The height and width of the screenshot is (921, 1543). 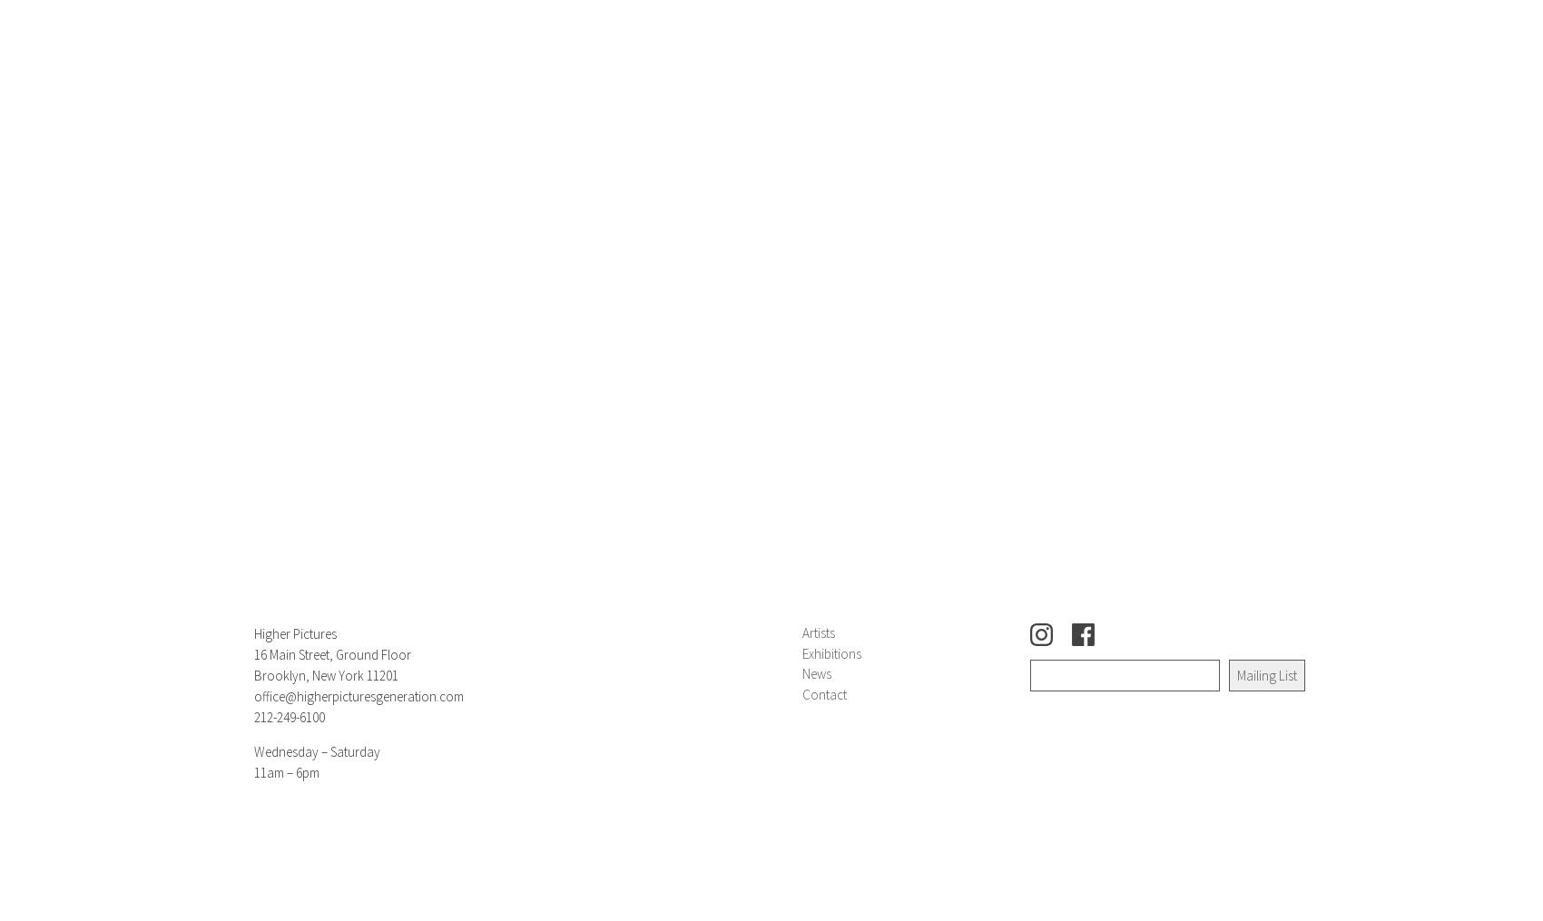 What do you see at coordinates (289, 716) in the screenshot?
I see `'212-249-6100'` at bounding box center [289, 716].